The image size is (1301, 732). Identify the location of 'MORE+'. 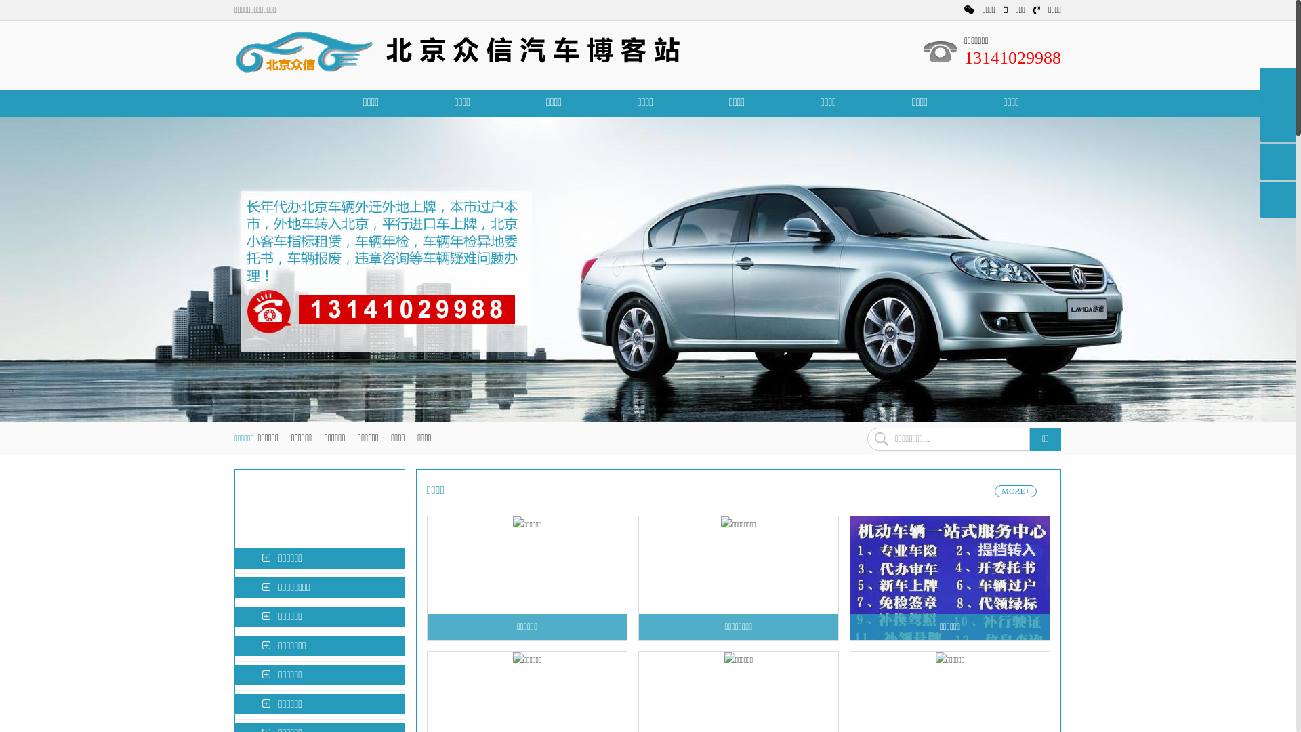
(995, 491).